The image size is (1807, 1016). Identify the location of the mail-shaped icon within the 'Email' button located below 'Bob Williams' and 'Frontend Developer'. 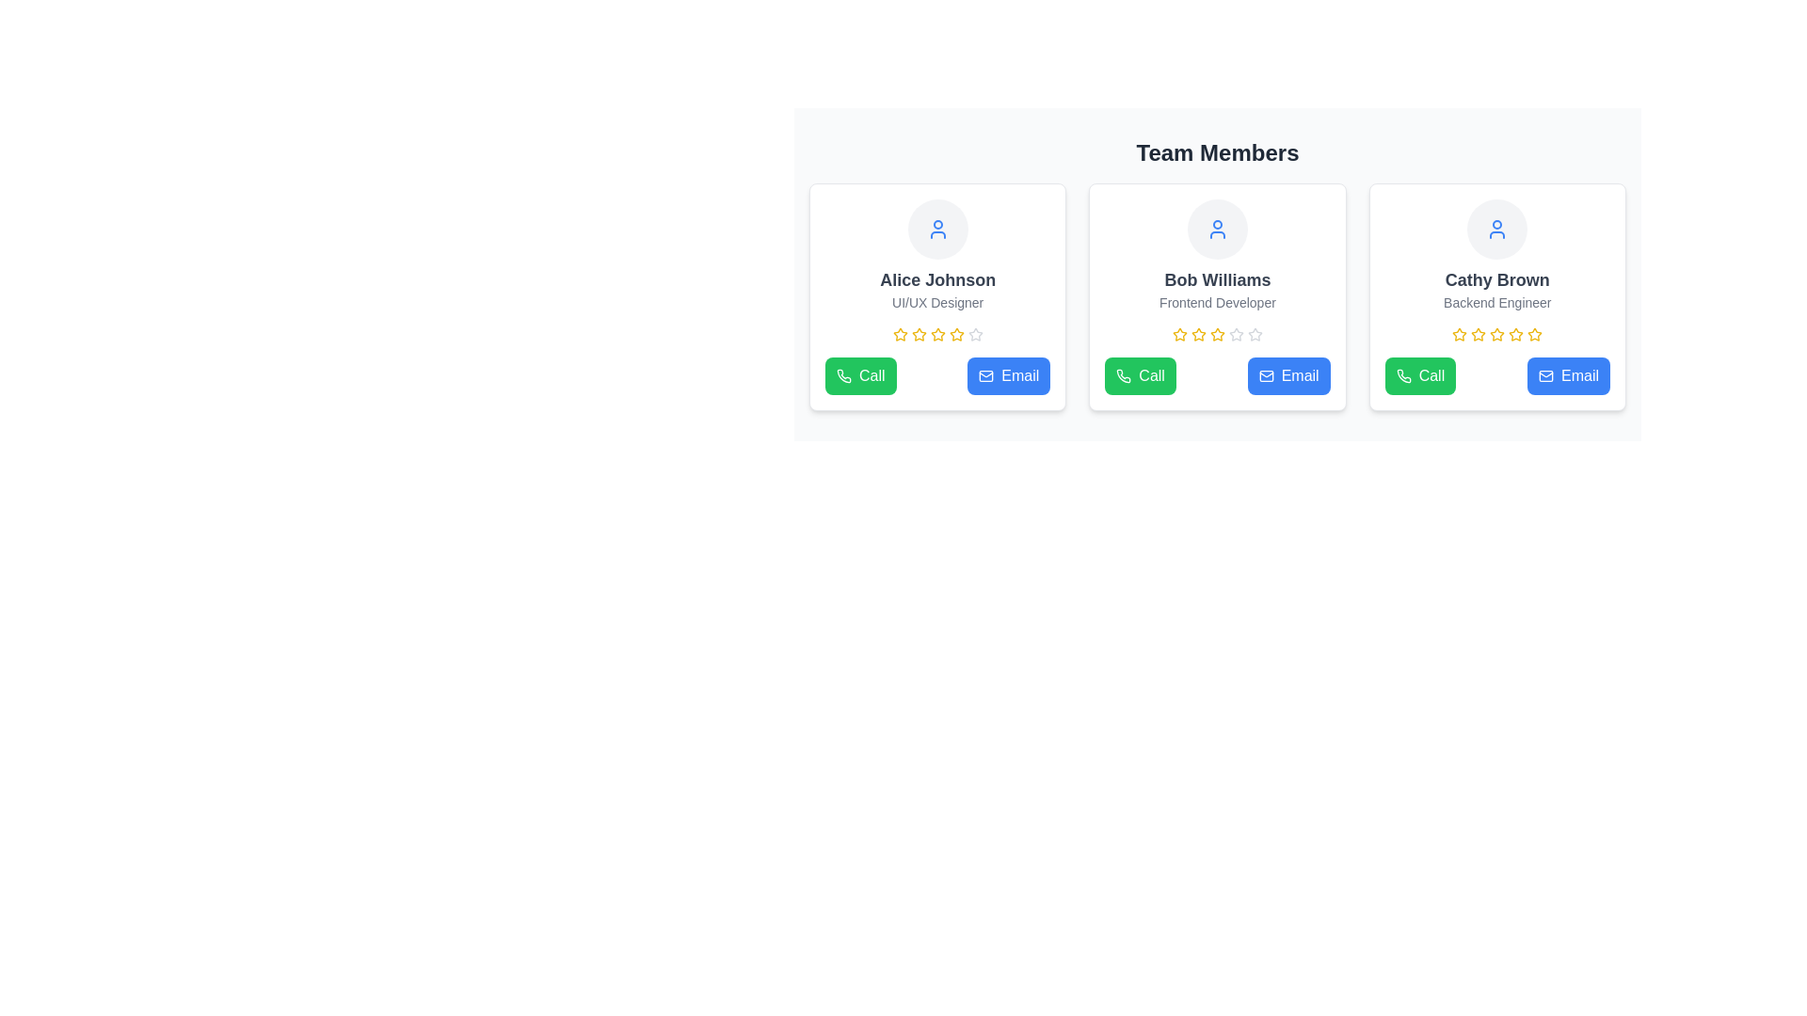
(1266, 376).